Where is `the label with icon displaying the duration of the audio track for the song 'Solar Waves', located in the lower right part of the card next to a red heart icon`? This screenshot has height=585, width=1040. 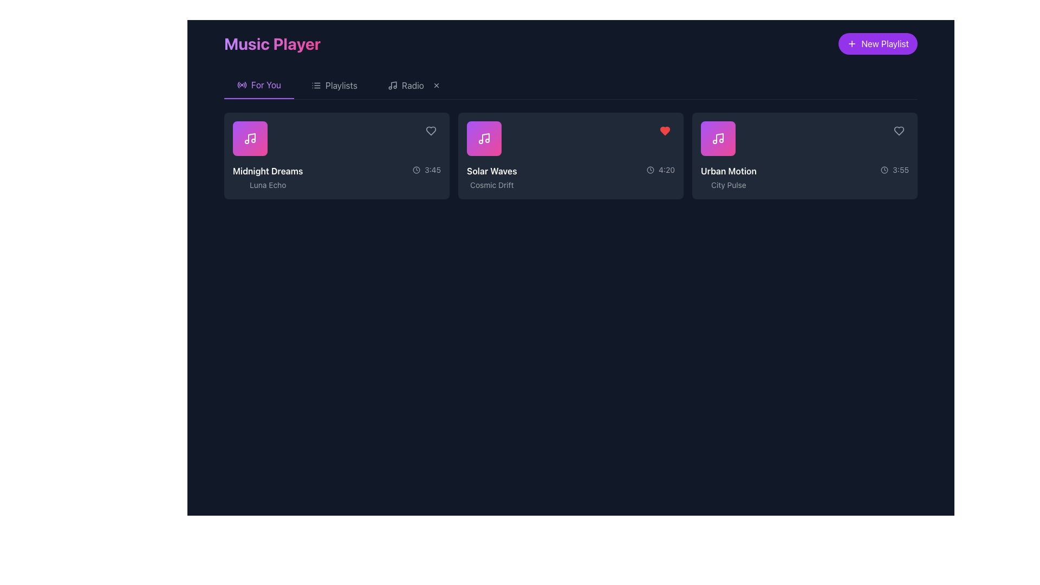
the label with icon displaying the duration of the audio track for the song 'Solar Waves', located in the lower right part of the card next to a red heart icon is located at coordinates (660, 170).